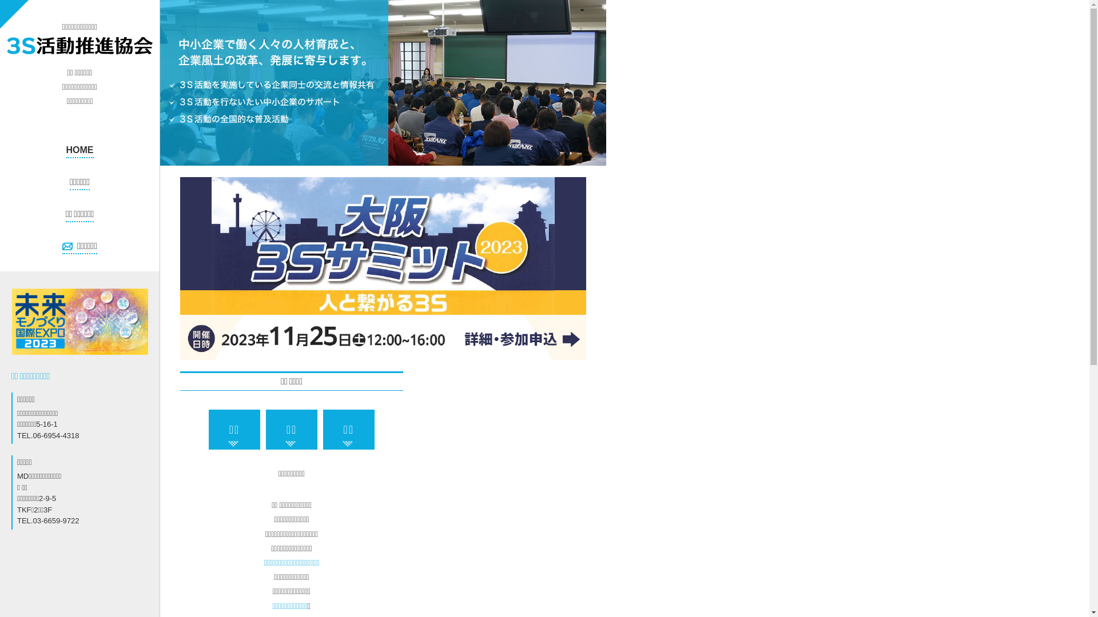  I want to click on 'HOME', so click(79, 150).